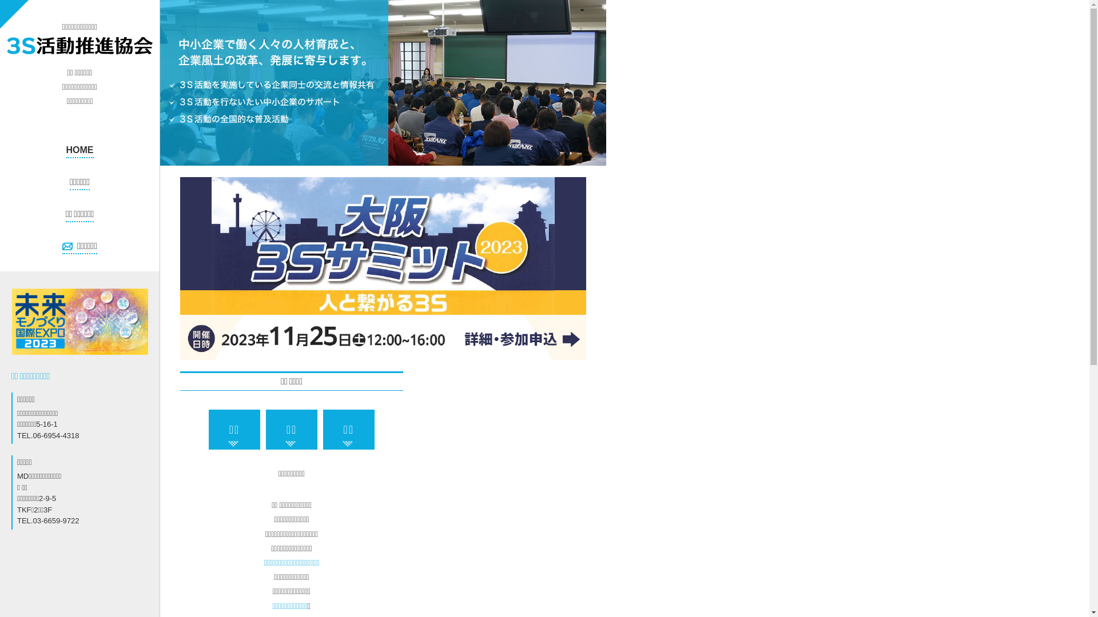  I want to click on 'HOME', so click(79, 150).